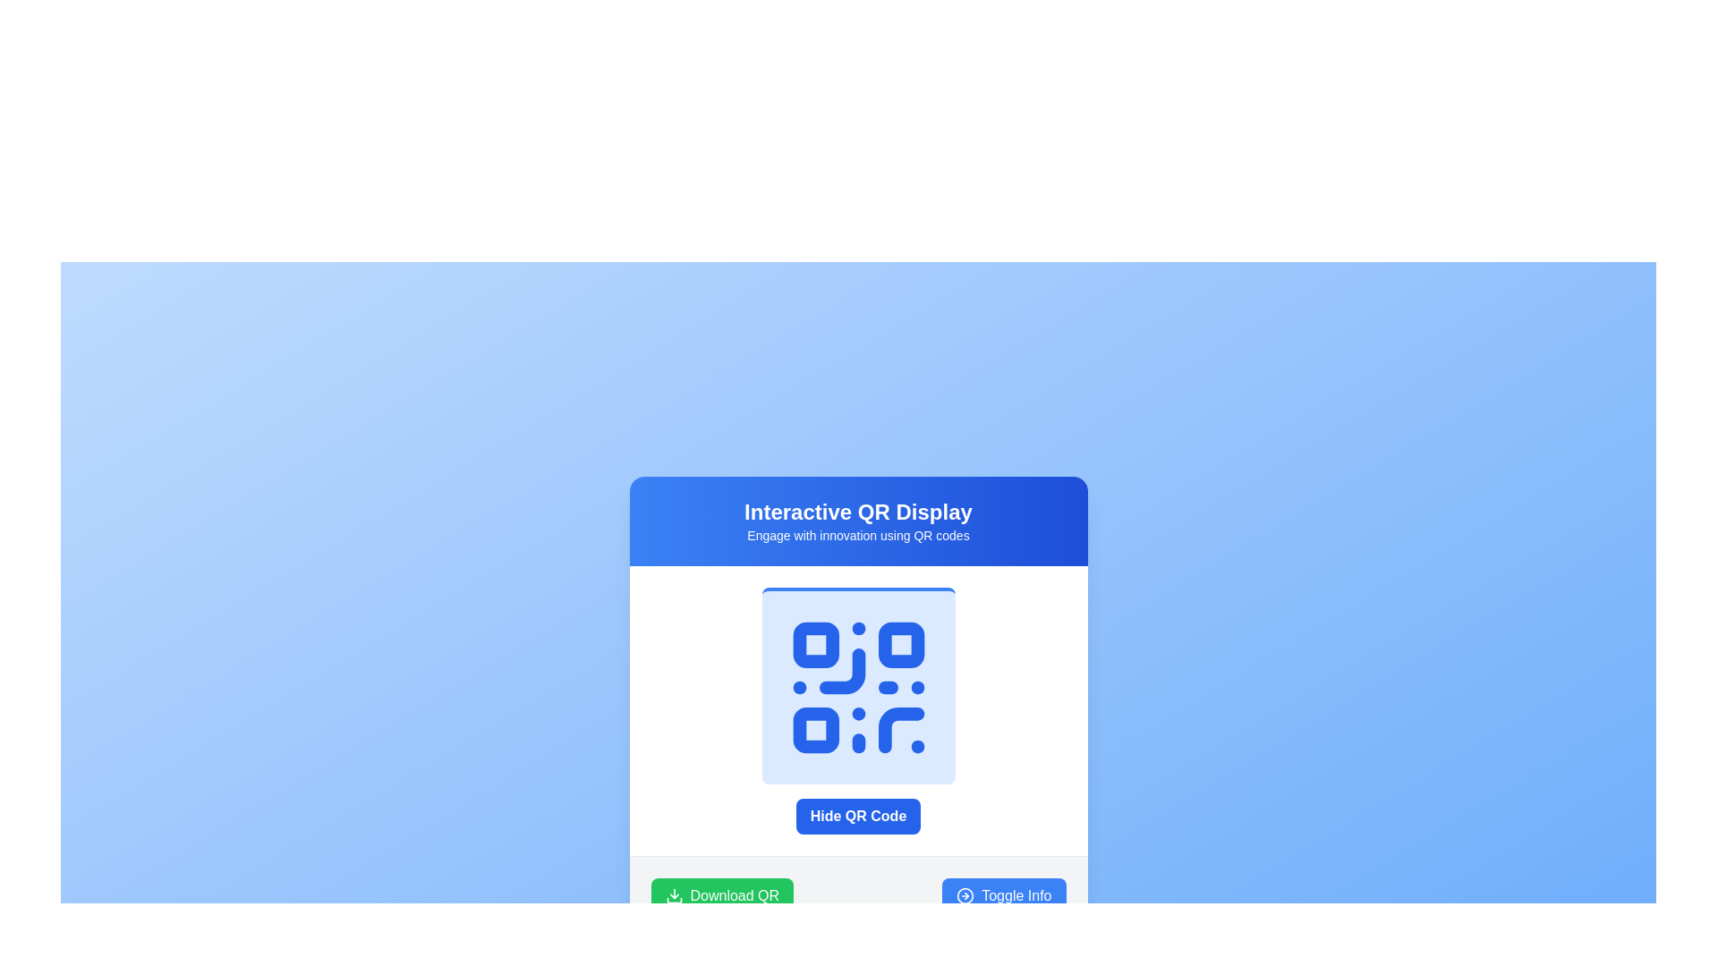  I want to click on the small blue square with rounded corners located in the lower-left section of the QR code icon, which is the third square in the pattern, so click(814, 730).